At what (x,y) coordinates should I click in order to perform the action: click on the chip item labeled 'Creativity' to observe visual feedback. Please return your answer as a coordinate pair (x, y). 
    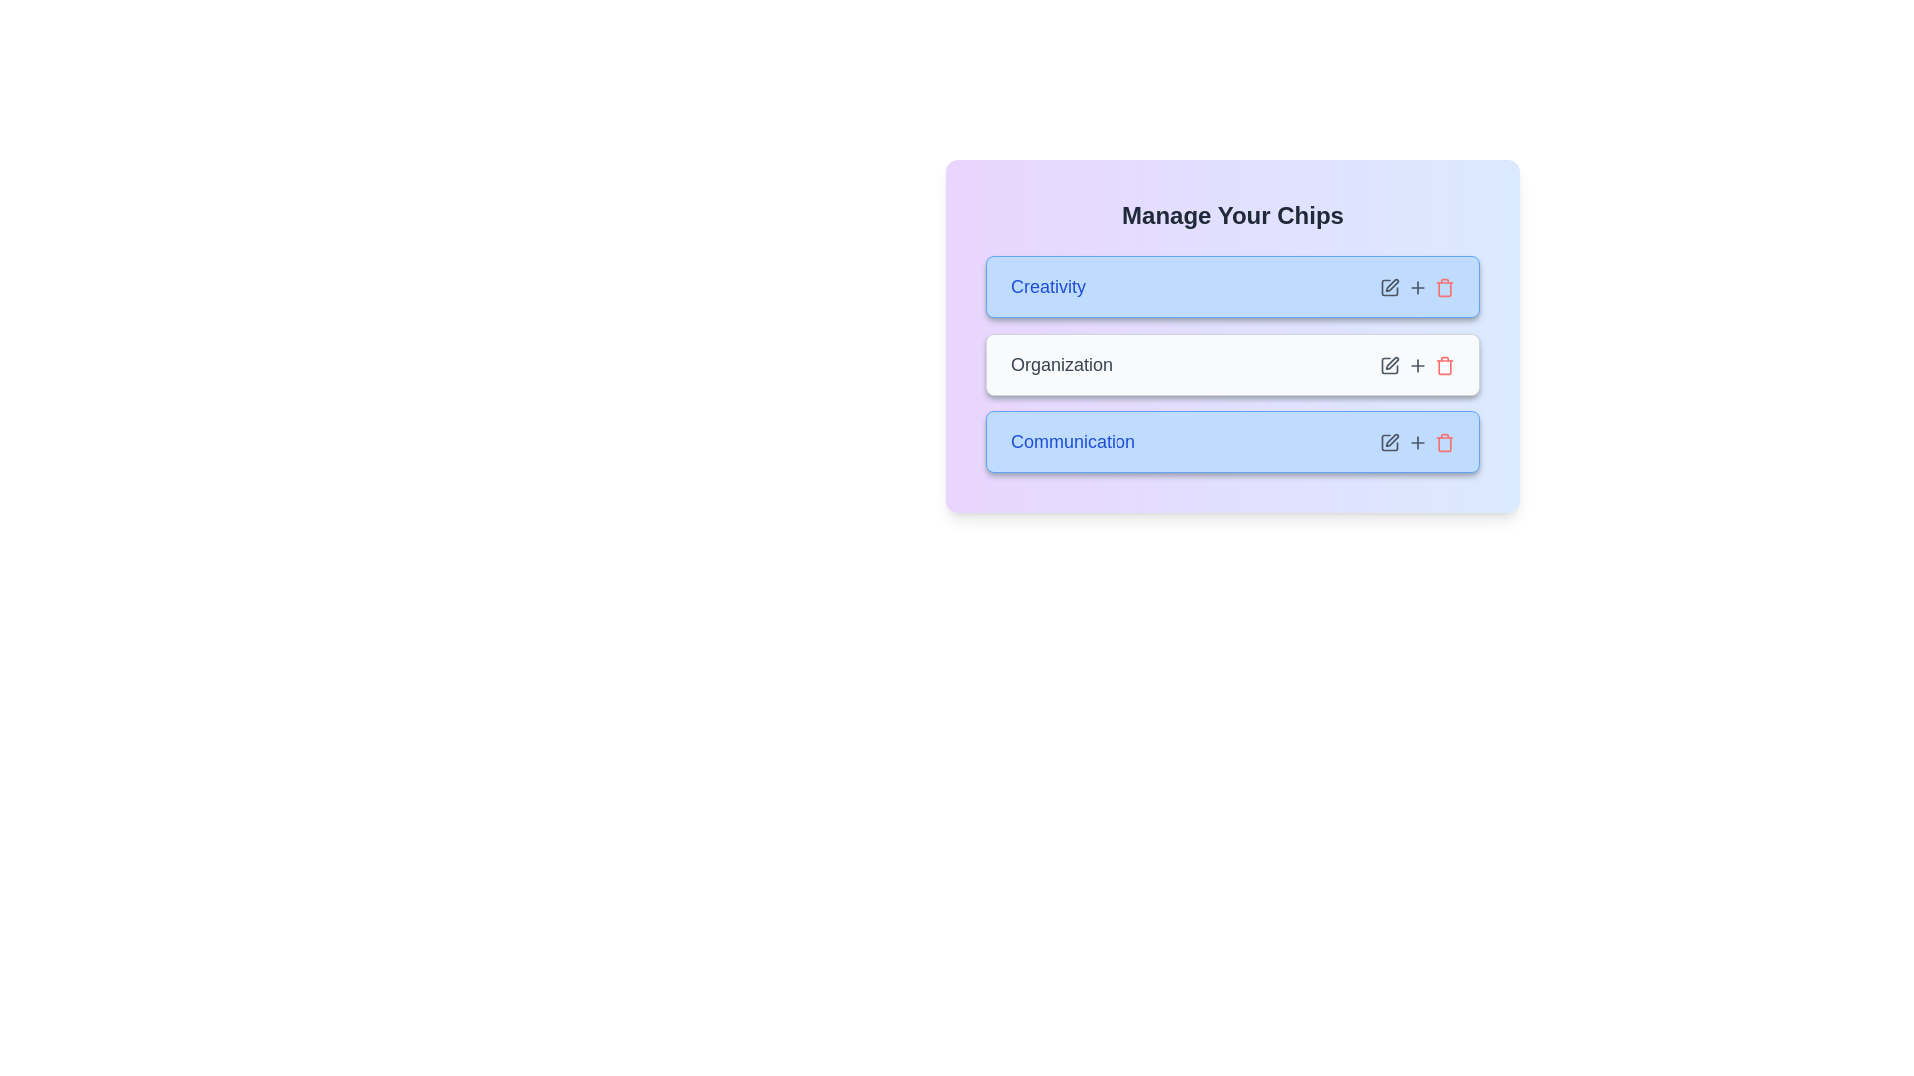
    Looking at the image, I should click on (1232, 287).